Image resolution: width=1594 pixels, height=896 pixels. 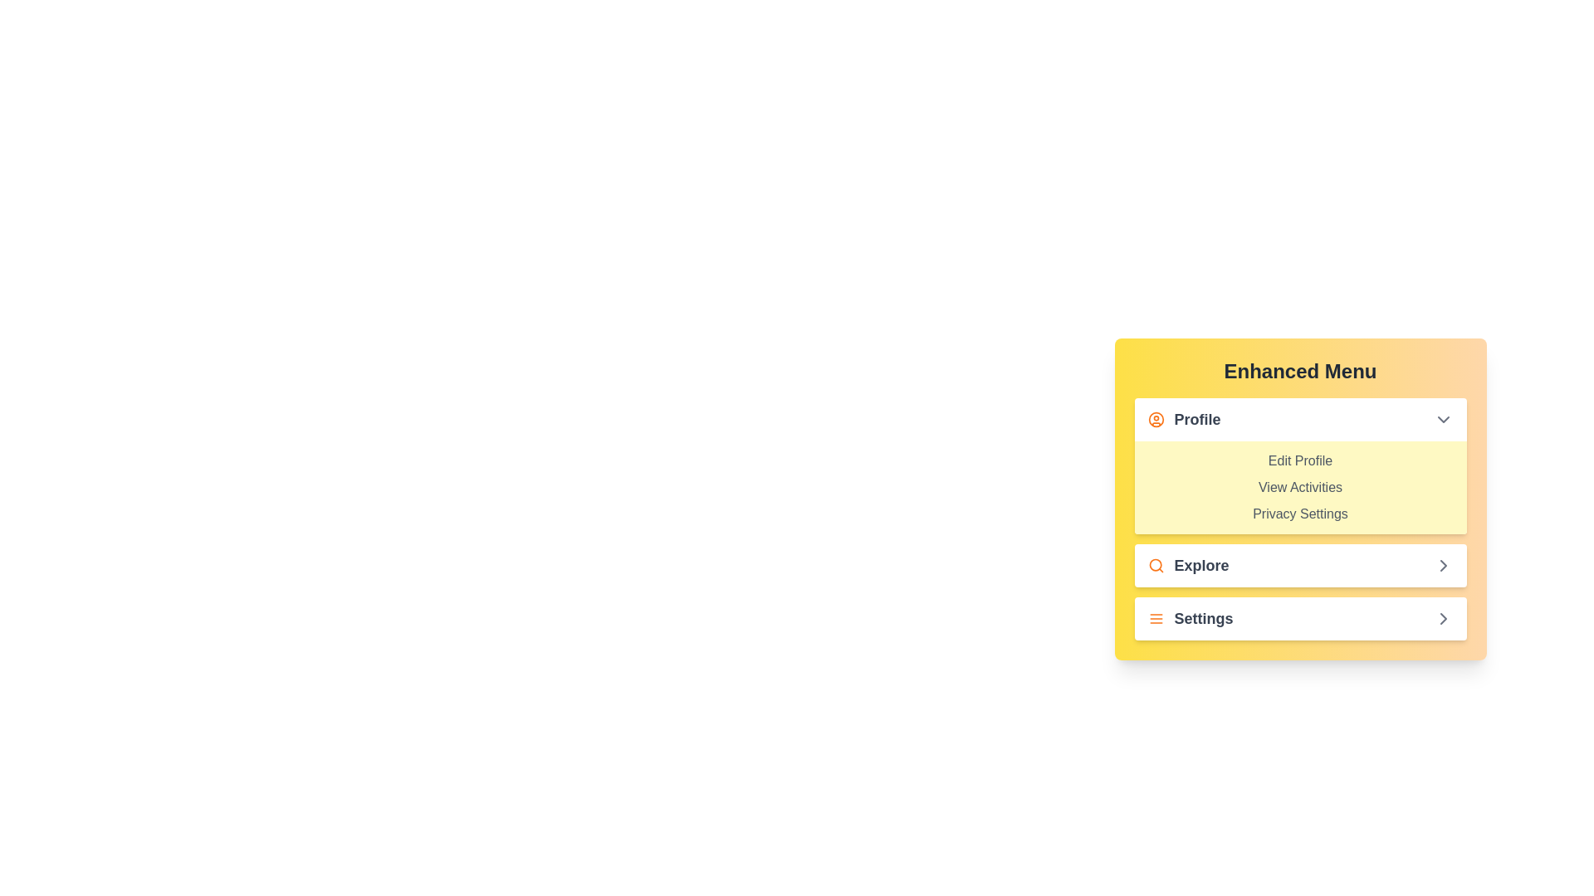 What do you see at coordinates (1155, 618) in the screenshot?
I see `the menu icon located immediately to the left of the 'Settings' text in the bottom section of the yellow menu panel` at bounding box center [1155, 618].